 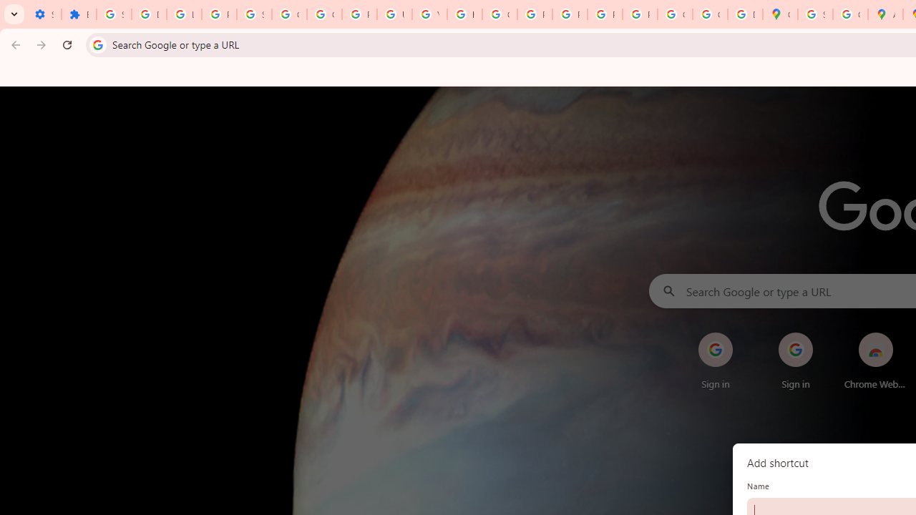 What do you see at coordinates (429, 14) in the screenshot?
I see `'YouTube'` at bounding box center [429, 14].